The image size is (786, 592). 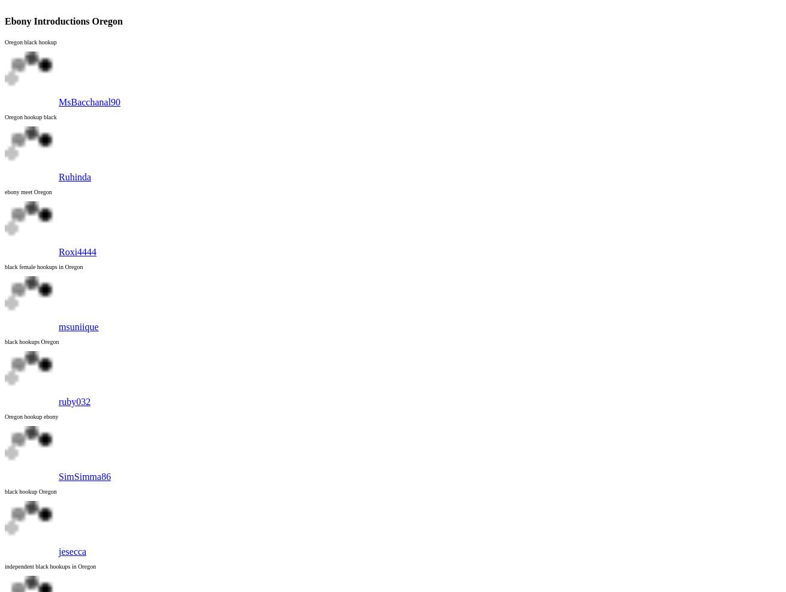 What do you see at coordinates (49, 192) in the screenshot?
I see `'The Dalles'` at bounding box center [49, 192].